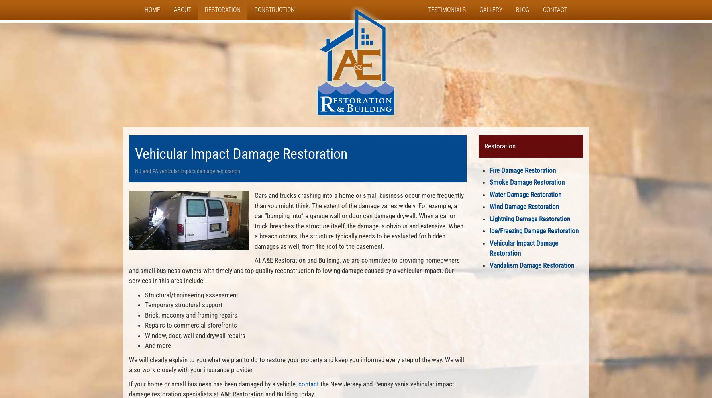 This screenshot has width=712, height=398. Describe the element at coordinates (191, 294) in the screenshot. I see `'Structural/Engineering assessment'` at that location.